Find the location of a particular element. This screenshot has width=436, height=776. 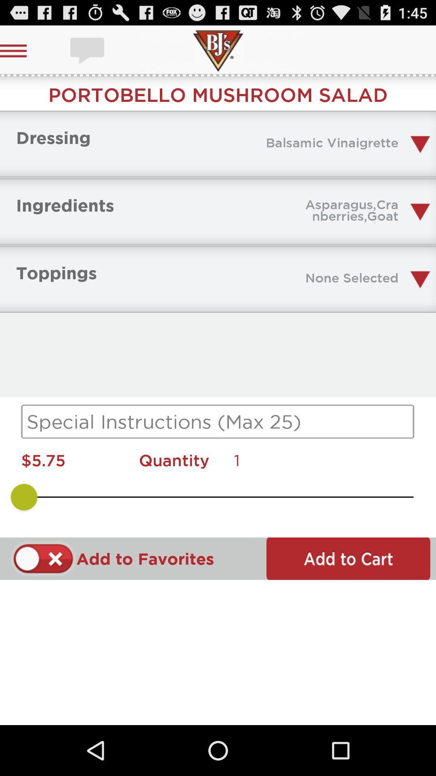

open the chat is located at coordinates (88, 50).